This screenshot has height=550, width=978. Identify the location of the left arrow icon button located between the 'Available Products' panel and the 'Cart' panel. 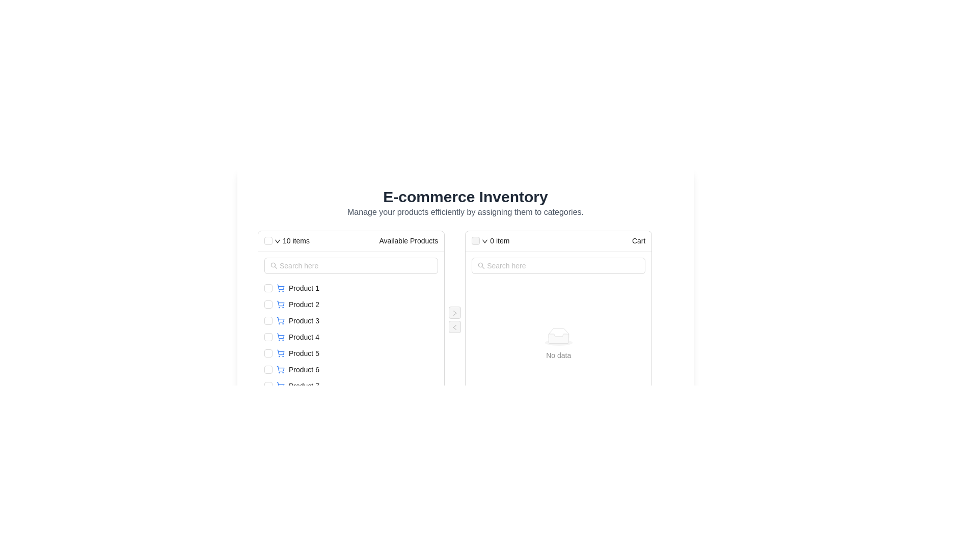
(454, 327).